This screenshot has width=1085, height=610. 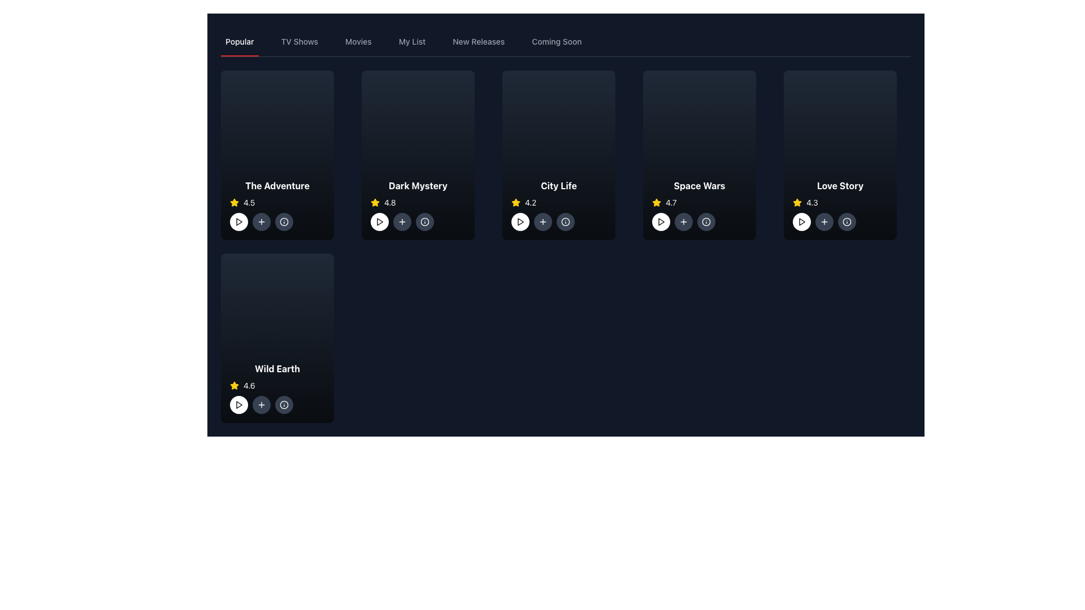 What do you see at coordinates (424, 222) in the screenshot?
I see `the small circular button with an outlined information icon ('i') on a dark background, located at the bottom right of the 'Dark Mystery' item card in the second column of the first row in the grid` at bounding box center [424, 222].